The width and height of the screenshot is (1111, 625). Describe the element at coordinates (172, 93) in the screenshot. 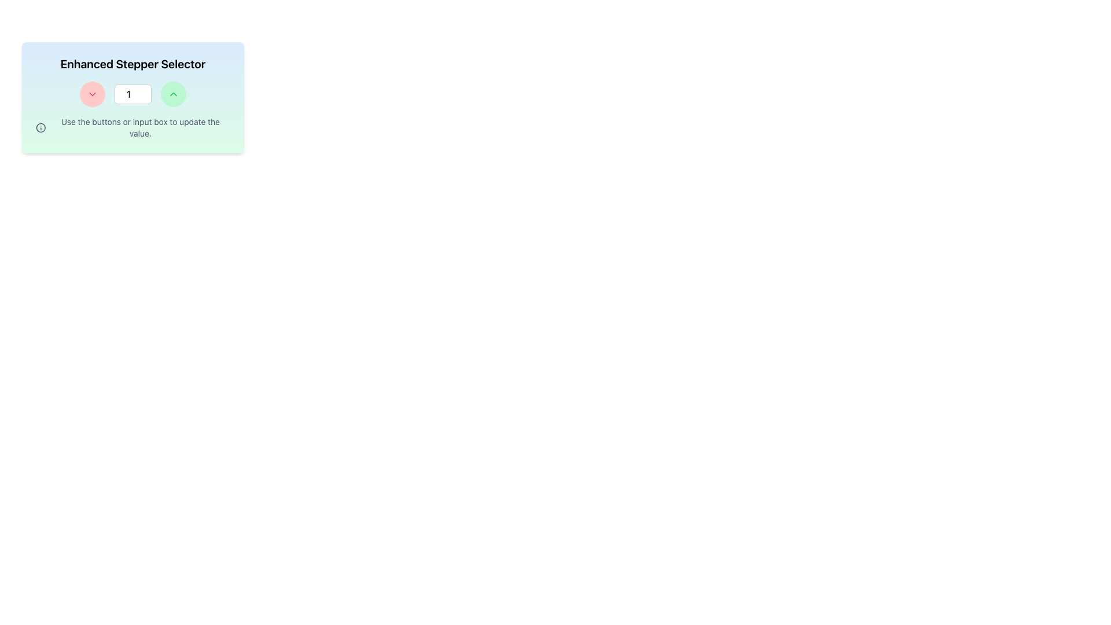

I see `the upward-facing chevron icon button with a green stroke and hollow center, located within a circular green background on the right-end of a horizontal layout` at that location.